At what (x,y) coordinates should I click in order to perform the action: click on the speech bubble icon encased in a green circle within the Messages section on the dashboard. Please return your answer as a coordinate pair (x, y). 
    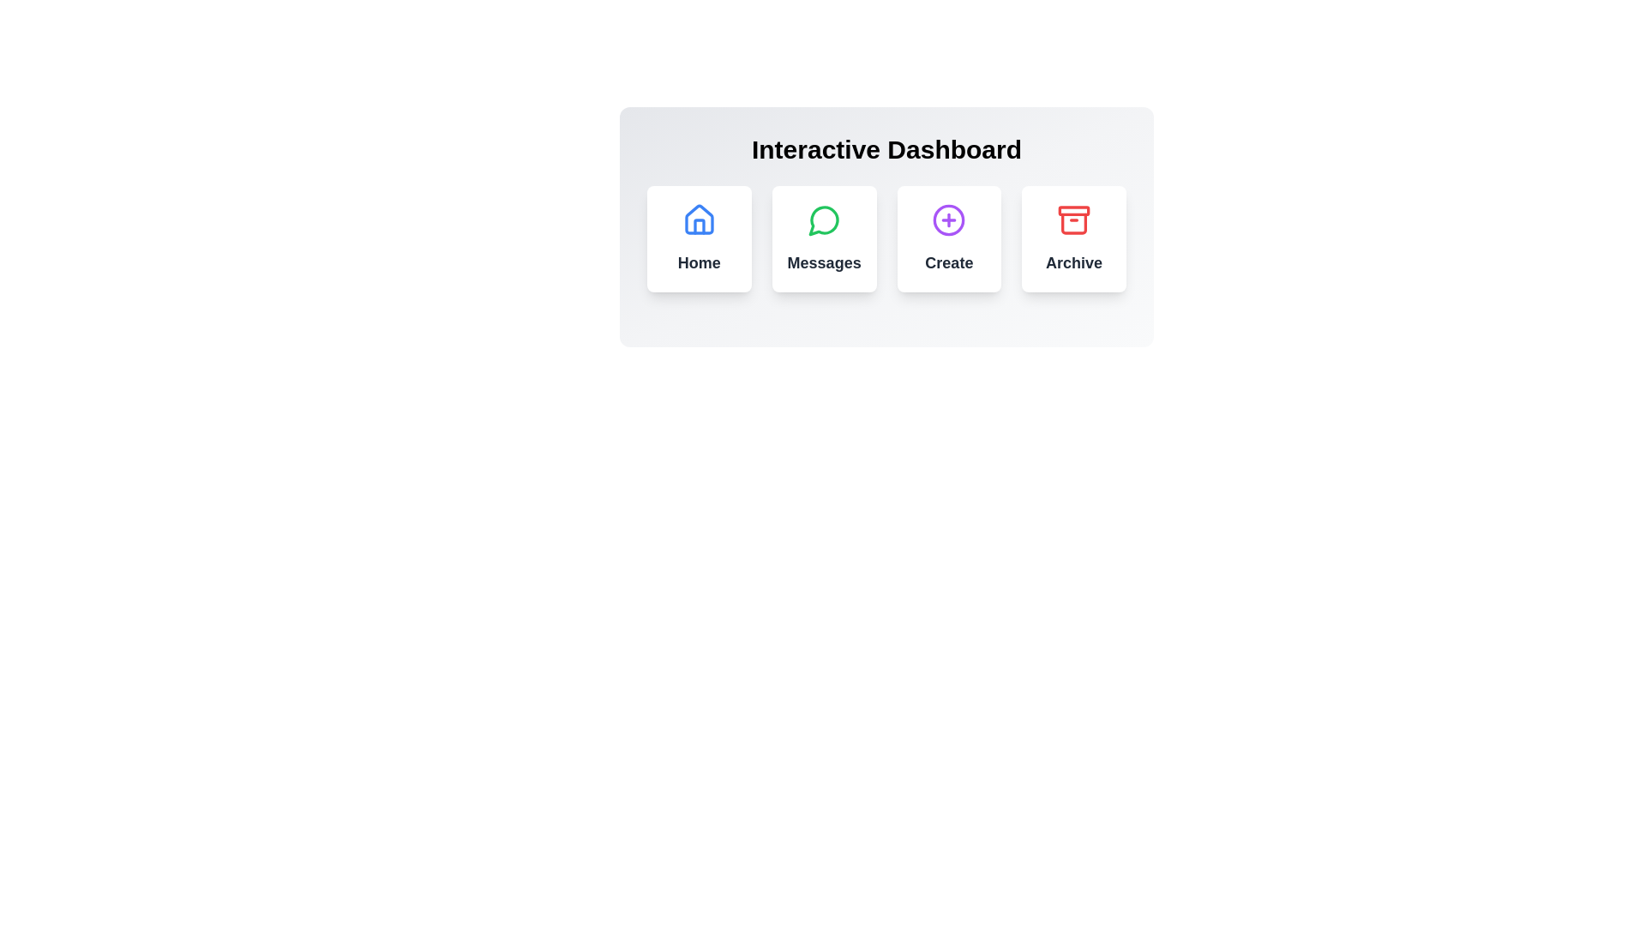
    Looking at the image, I should click on (823, 219).